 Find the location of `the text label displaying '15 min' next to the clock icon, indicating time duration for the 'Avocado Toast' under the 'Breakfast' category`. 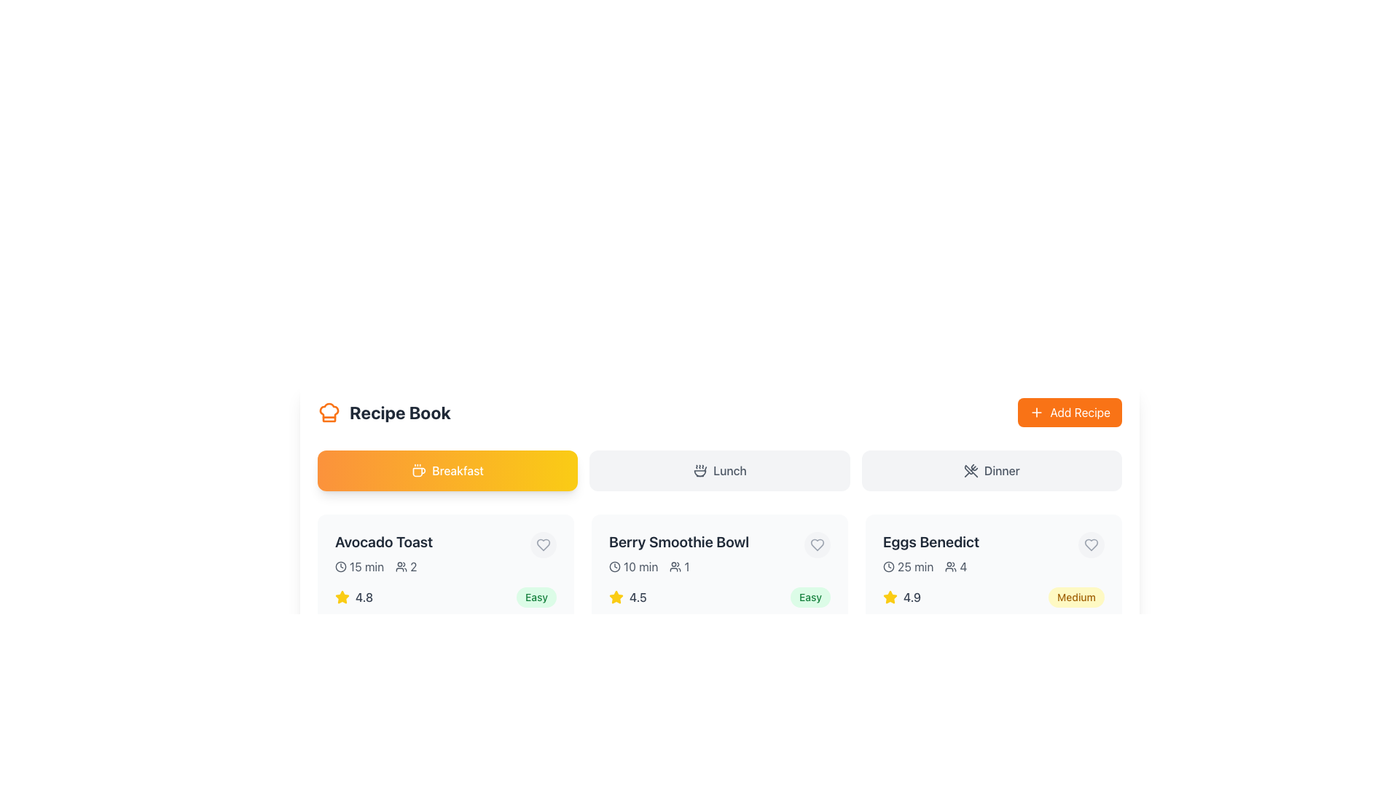

the text label displaying '15 min' next to the clock icon, indicating time duration for the 'Avocado Toast' under the 'Breakfast' category is located at coordinates (367, 566).